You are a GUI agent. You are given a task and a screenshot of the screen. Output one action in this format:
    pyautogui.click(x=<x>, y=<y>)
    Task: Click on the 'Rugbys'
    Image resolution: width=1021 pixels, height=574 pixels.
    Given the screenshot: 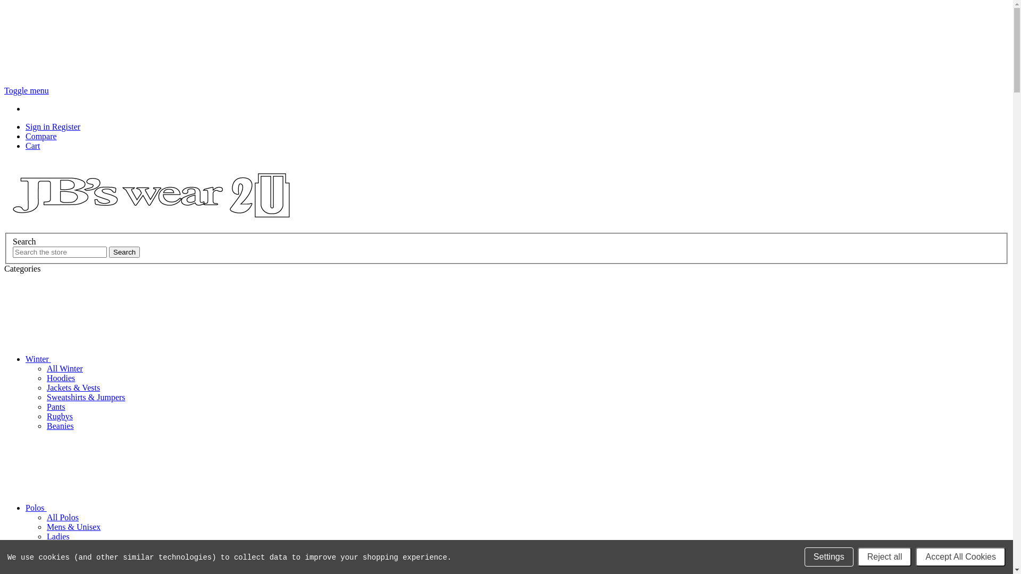 What is the action you would take?
    pyautogui.click(x=59, y=416)
    